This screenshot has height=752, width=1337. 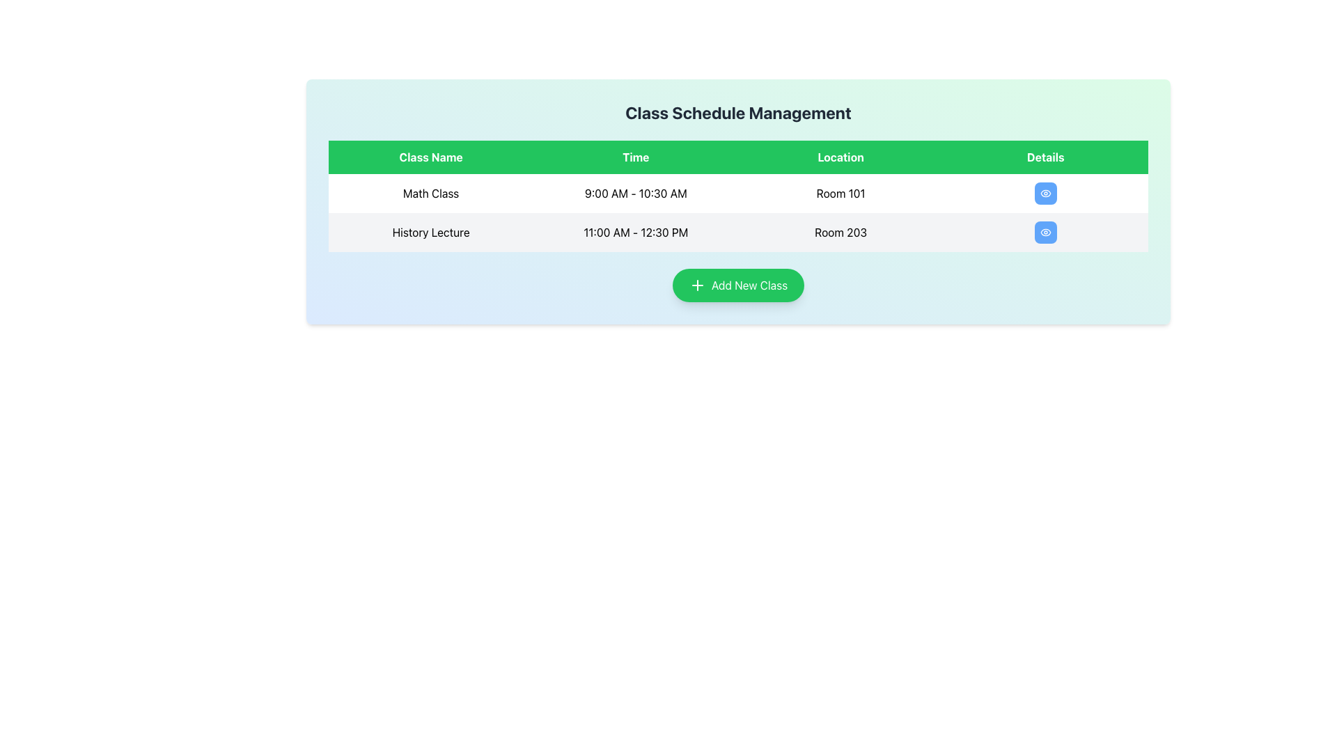 I want to click on the text label displaying 'Room 203' in the 'Location' column of the table for the 'History Lecture' at '11:00 AM - 12:30 PM', so click(x=840, y=232).